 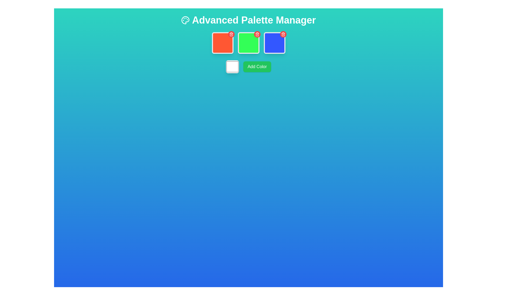 I want to click on the small circular red button with a white trashcan icon located at the upper-right corner of the blue square card to change its background color, so click(x=283, y=34).